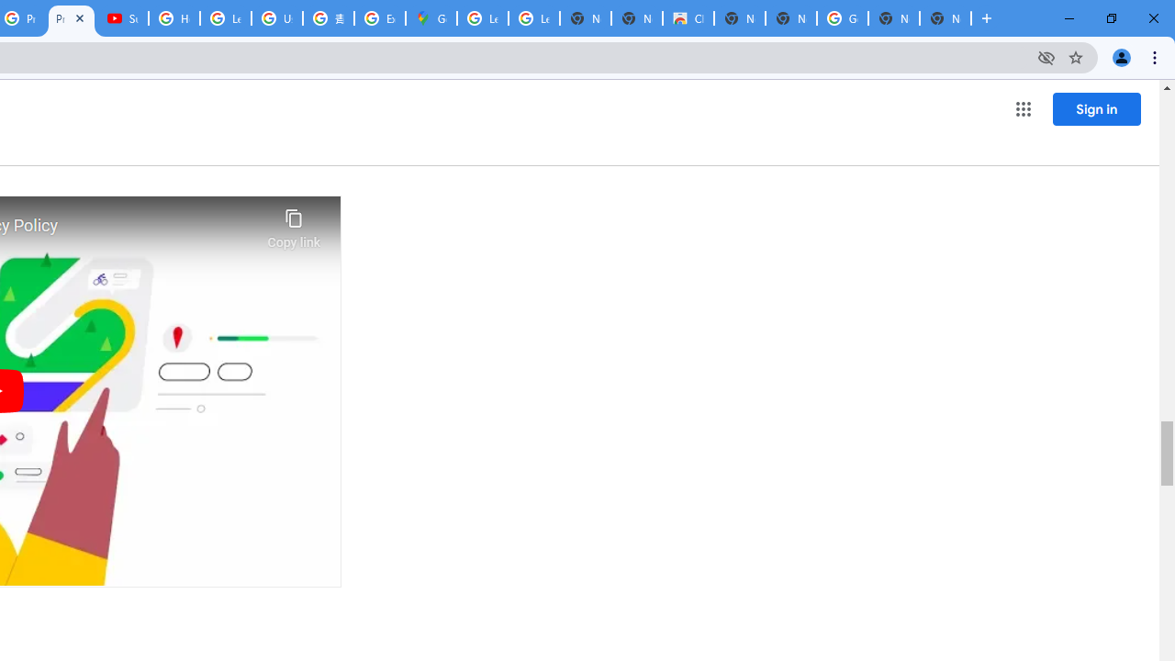  What do you see at coordinates (122, 18) in the screenshot?
I see `'Subscriptions - YouTube'` at bounding box center [122, 18].